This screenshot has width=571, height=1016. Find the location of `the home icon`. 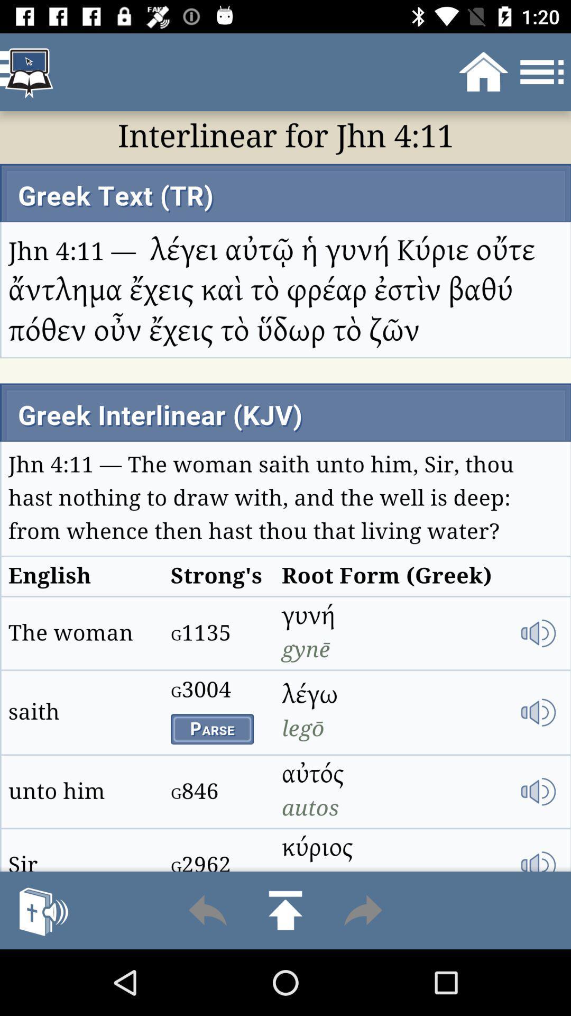

the home icon is located at coordinates (285, 910).